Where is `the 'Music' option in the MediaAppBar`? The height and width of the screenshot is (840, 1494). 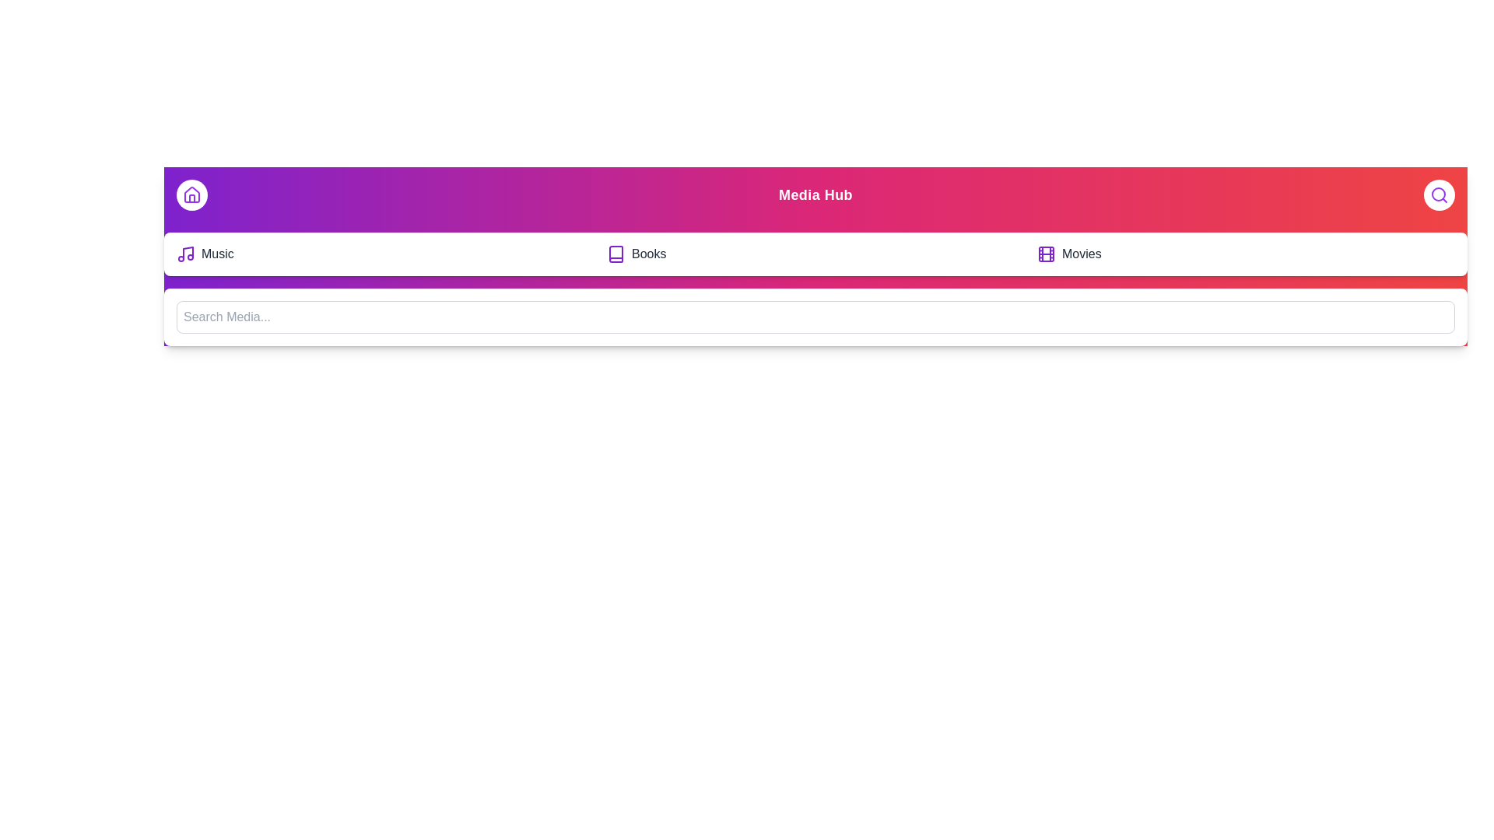 the 'Music' option in the MediaAppBar is located at coordinates (385, 254).